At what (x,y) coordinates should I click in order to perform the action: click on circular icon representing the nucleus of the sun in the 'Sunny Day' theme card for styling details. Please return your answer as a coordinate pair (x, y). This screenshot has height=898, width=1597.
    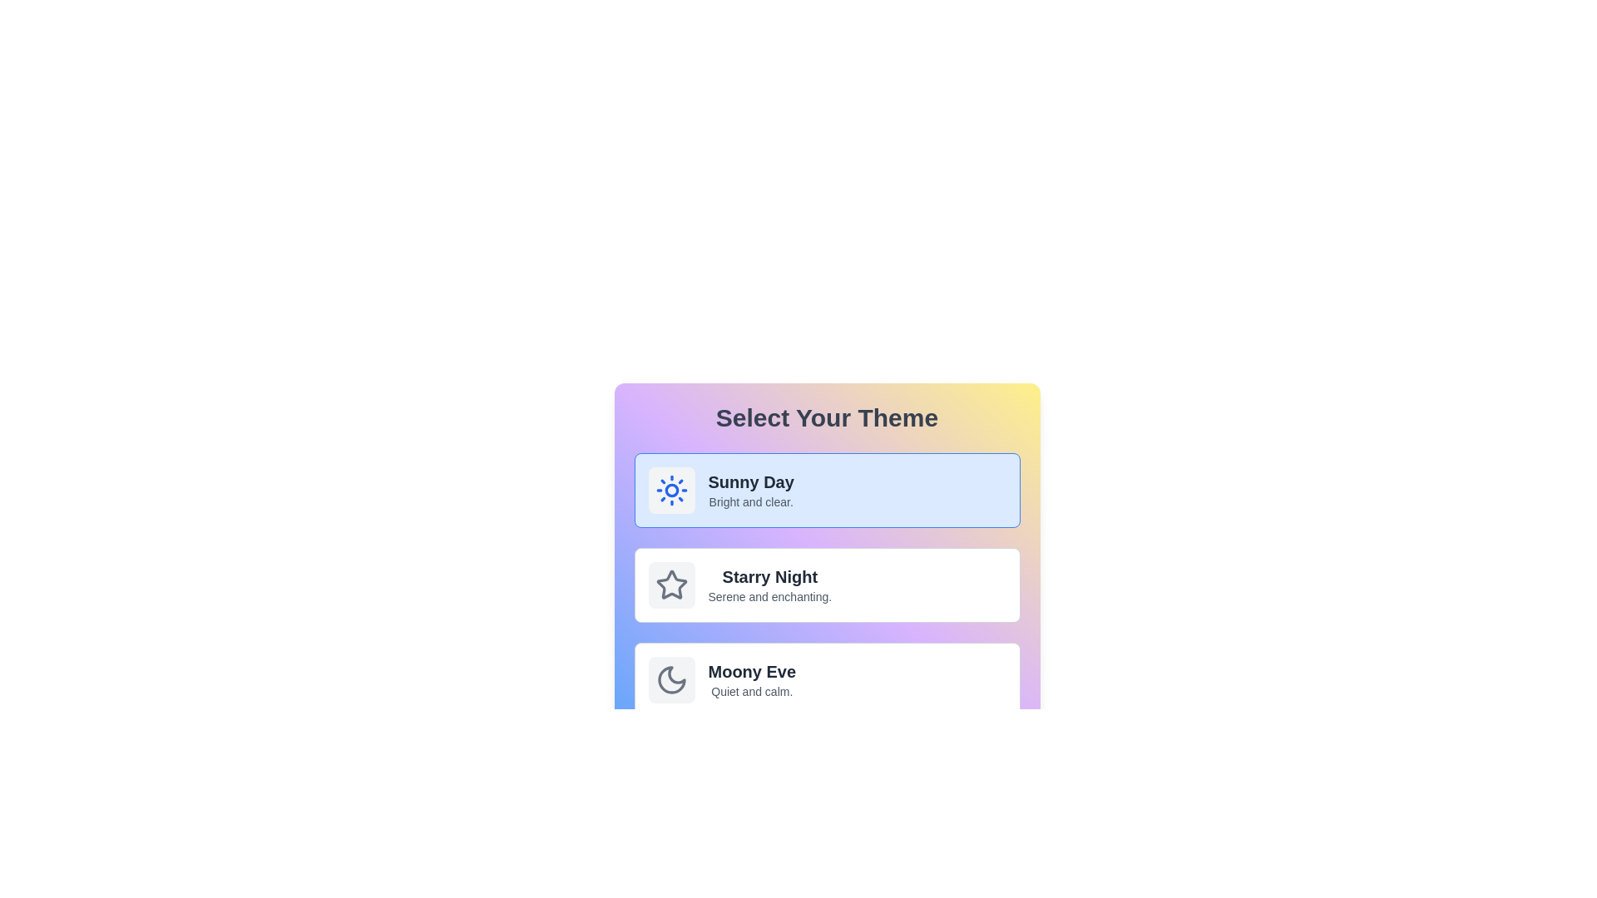
    Looking at the image, I should click on (671, 490).